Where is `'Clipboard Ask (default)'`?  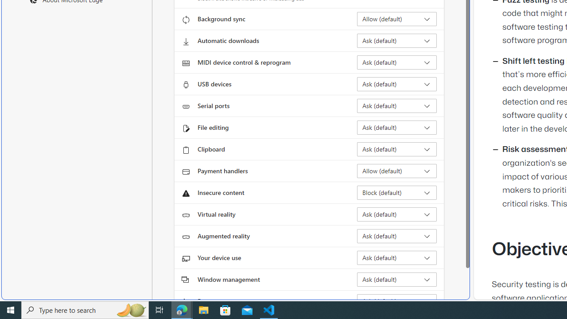 'Clipboard Ask (default)' is located at coordinates (396, 148).